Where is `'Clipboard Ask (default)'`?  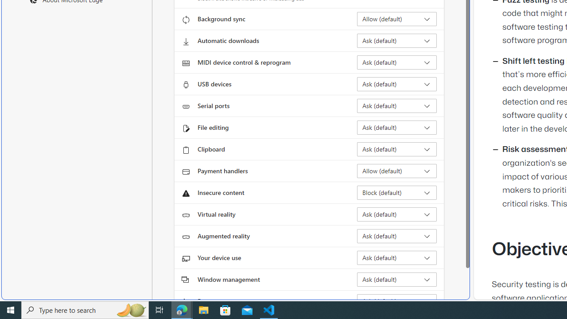 'Clipboard Ask (default)' is located at coordinates (396, 148).